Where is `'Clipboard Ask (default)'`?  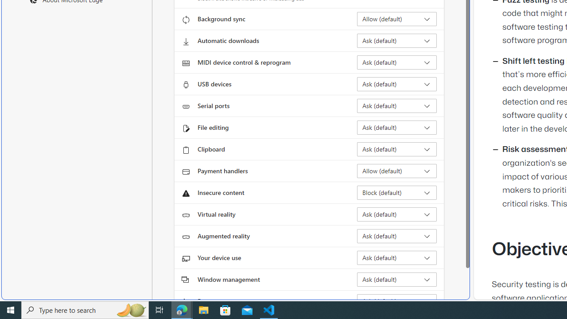 'Clipboard Ask (default)' is located at coordinates (396, 148).